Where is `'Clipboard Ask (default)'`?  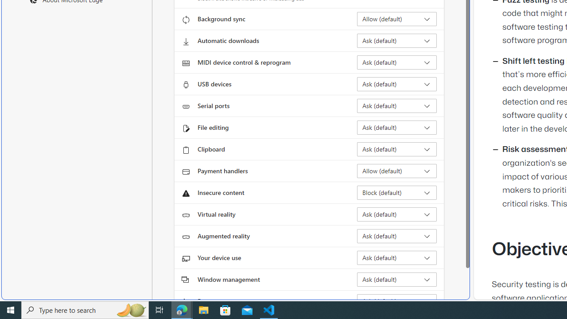 'Clipboard Ask (default)' is located at coordinates (396, 148).